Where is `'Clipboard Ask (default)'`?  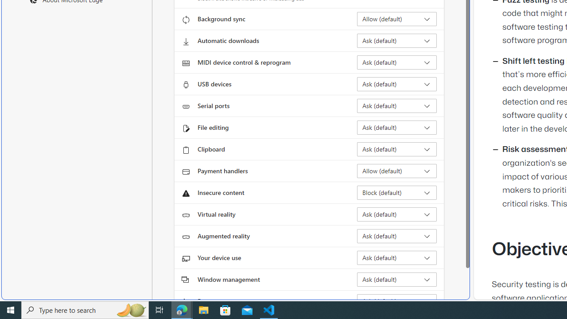 'Clipboard Ask (default)' is located at coordinates (396, 148).